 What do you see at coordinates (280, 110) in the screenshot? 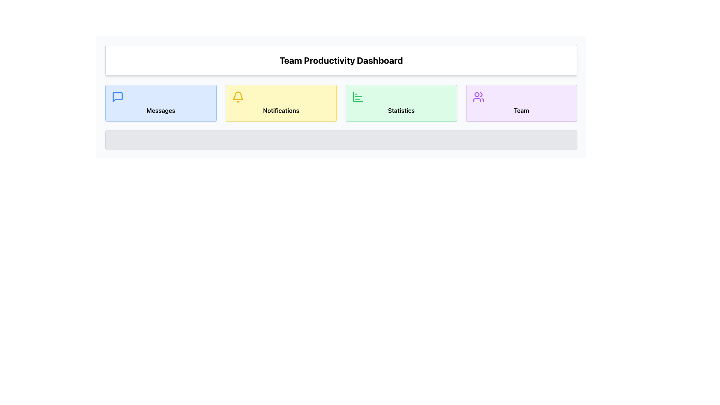
I see `descriptive title text for the Notifications section located in the second card from the left in the row of four cards on the Team Productivity Dashboard` at bounding box center [280, 110].